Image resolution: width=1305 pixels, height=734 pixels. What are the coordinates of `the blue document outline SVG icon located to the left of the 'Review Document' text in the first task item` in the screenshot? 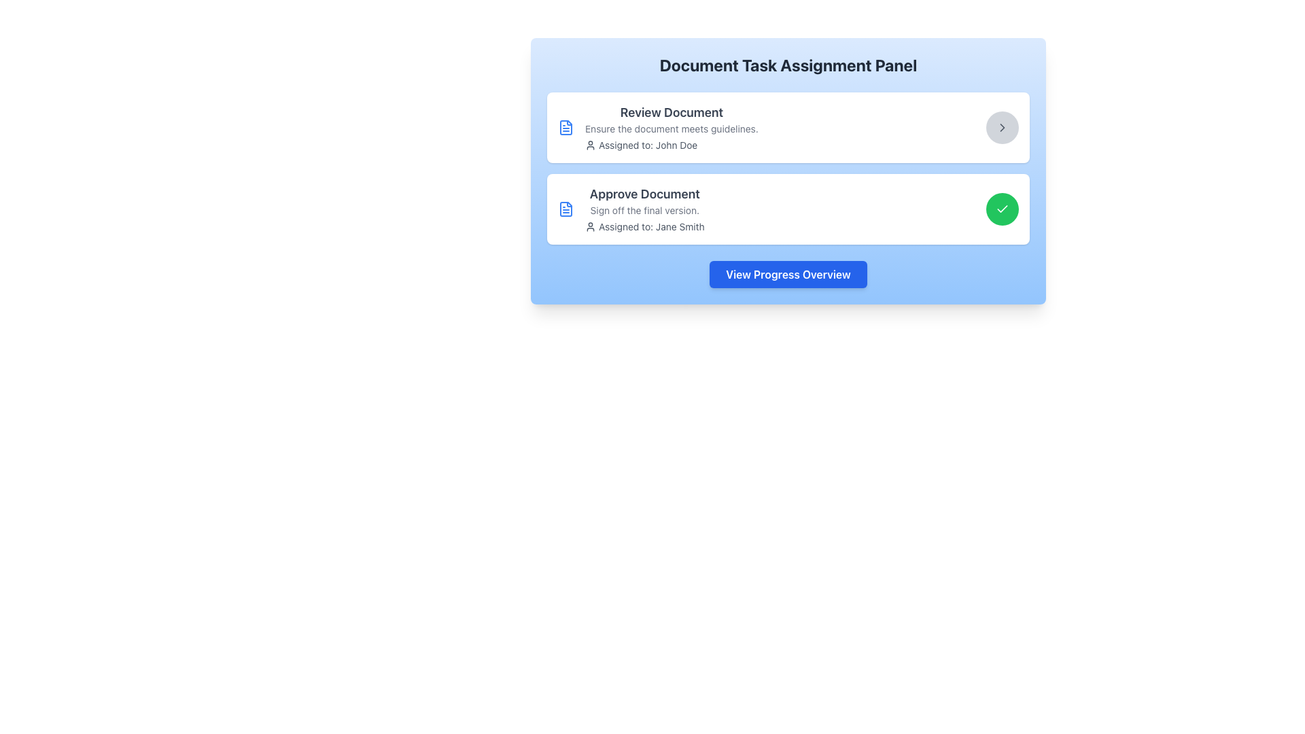 It's located at (566, 128).